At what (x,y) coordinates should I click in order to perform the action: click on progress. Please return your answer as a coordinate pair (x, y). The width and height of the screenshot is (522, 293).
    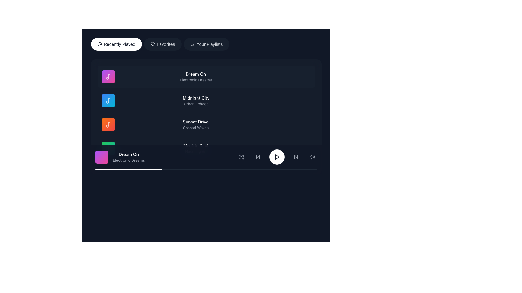
    Looking at the image, I should click on (173, 169).